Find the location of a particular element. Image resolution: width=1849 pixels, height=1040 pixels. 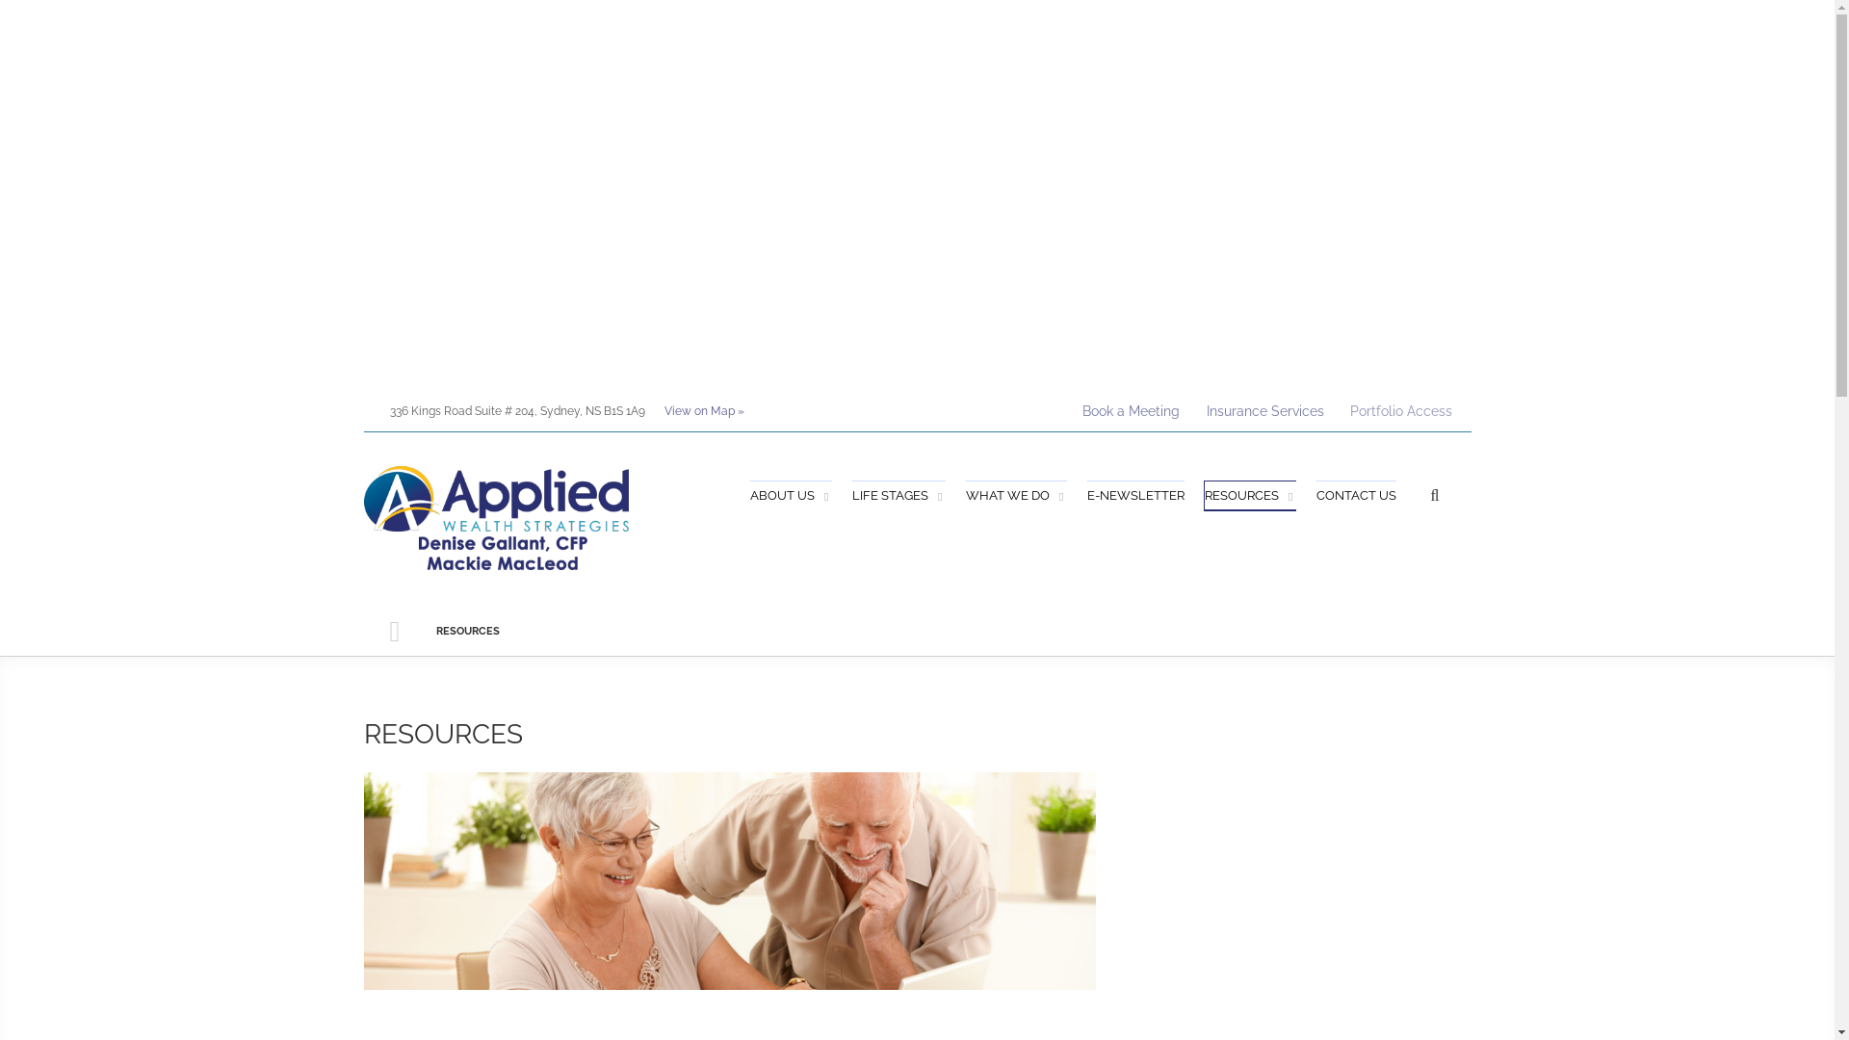

'Insurance Services' is located at coordinates (1262, 411).